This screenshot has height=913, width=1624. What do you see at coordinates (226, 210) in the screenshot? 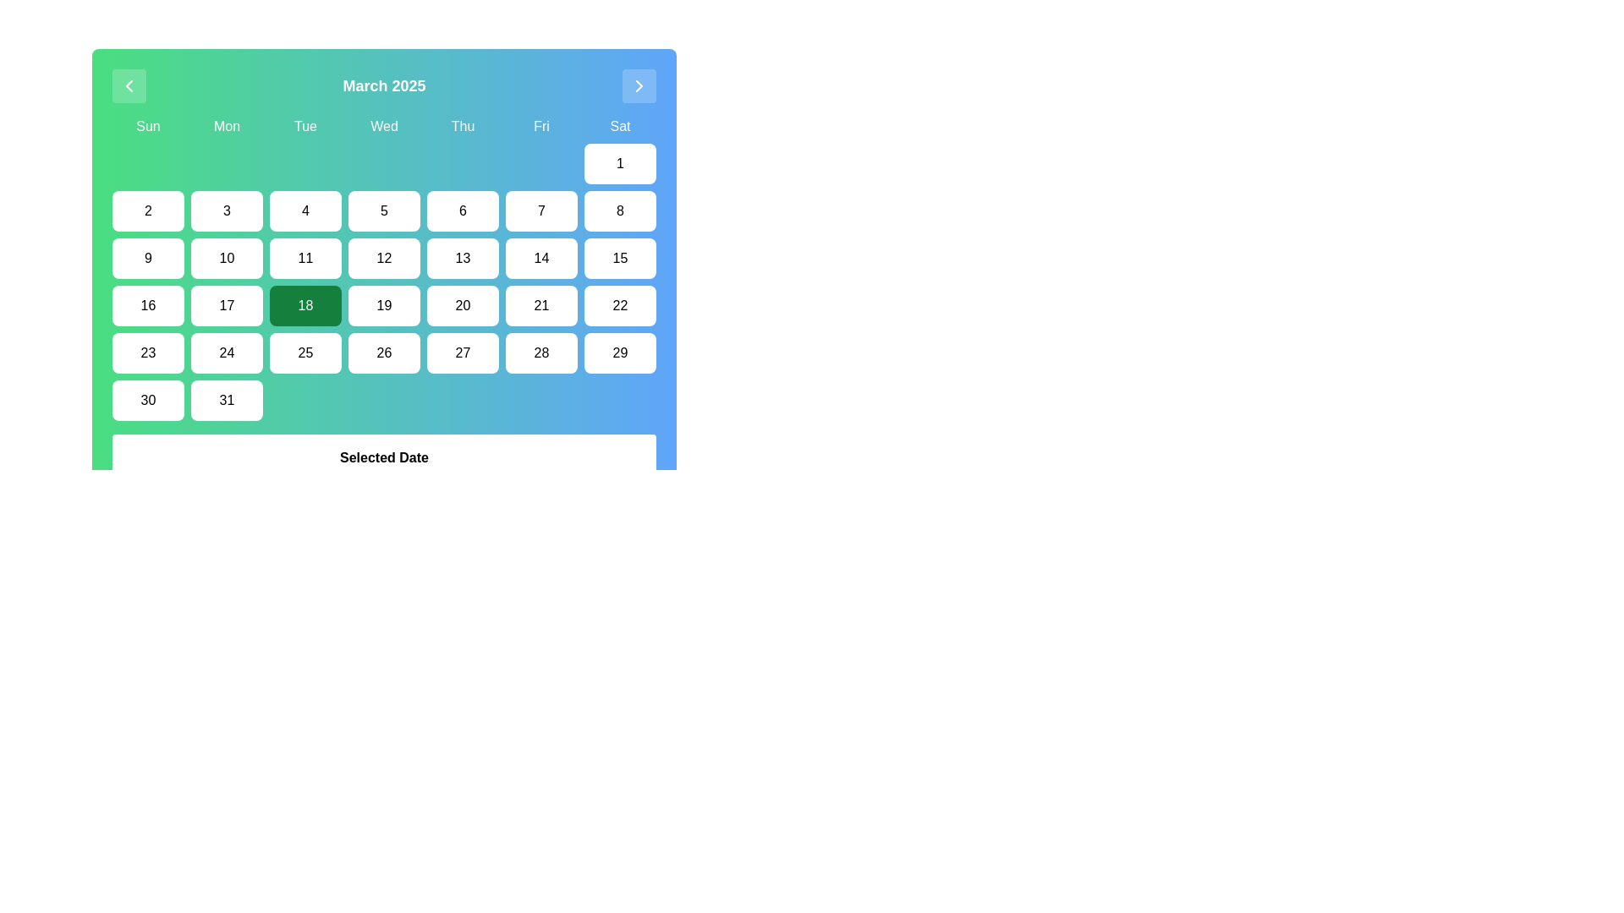
I see `the button representing the third day of the month in the calendar interface` at bounding box center [226, 210].